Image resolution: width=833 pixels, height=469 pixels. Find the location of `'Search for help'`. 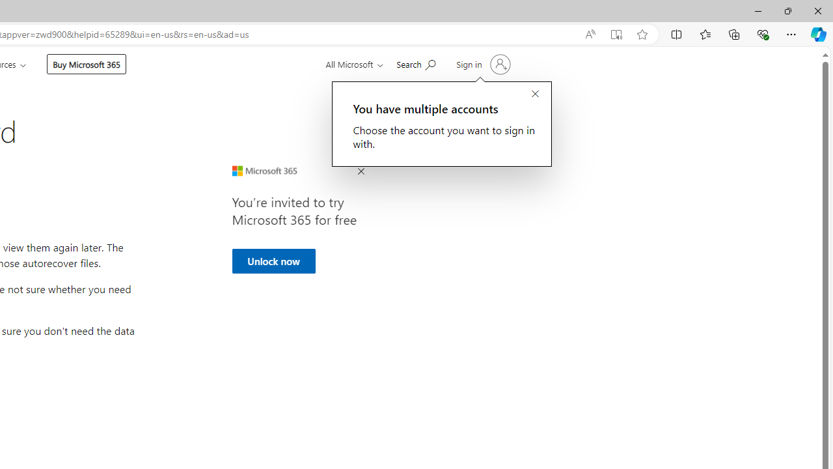

'Search for help' is located at coordinates (415, 63).